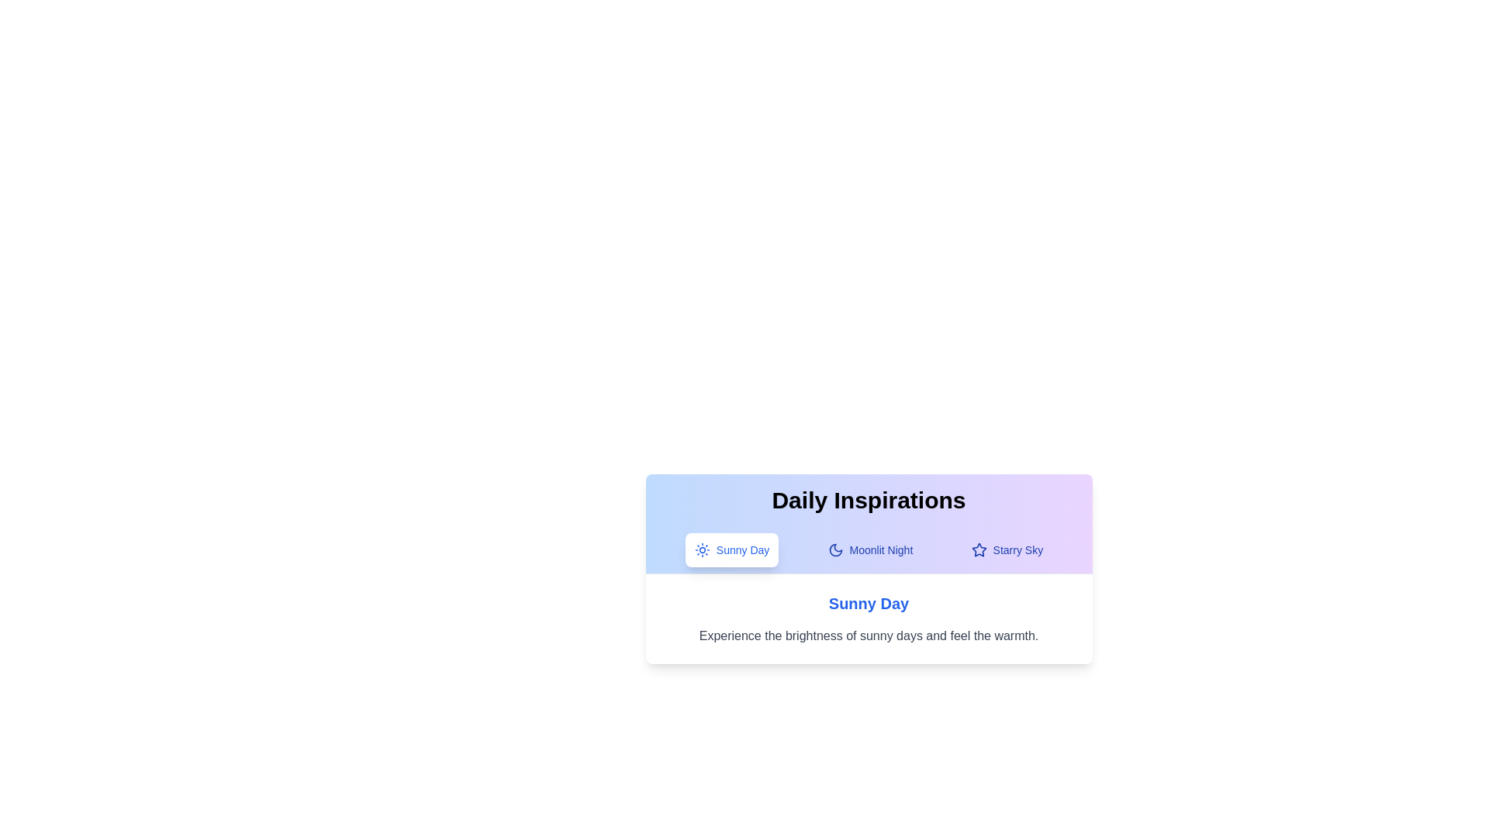 The width and height of the screenshot is (1489, 837). What do you see at coordinates (701, 549) in the screenshot?
I see `the icon corresponding to the tab Sunny Day` at bounding box center [701, 549].